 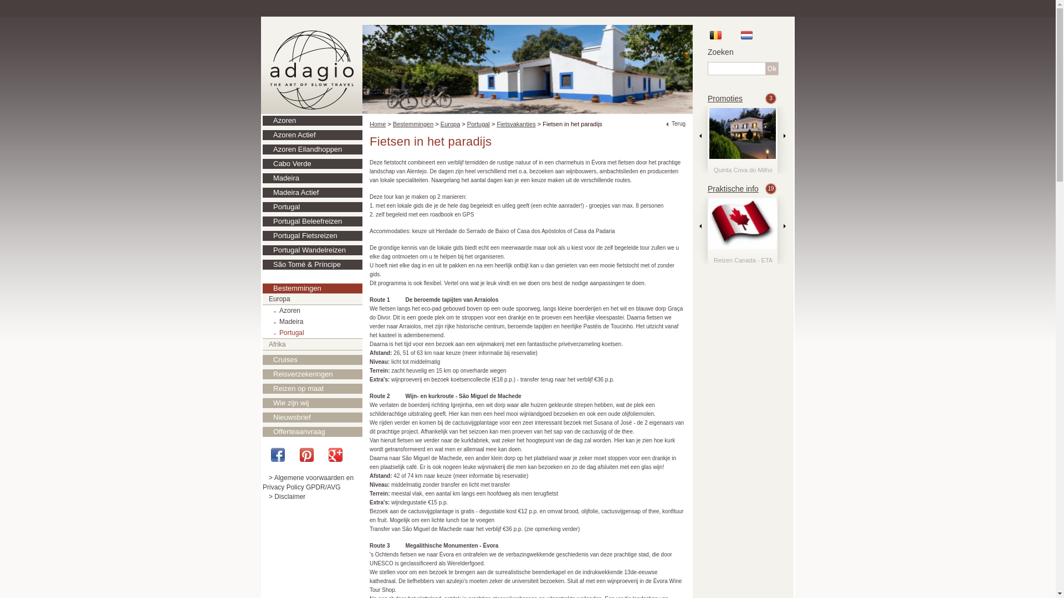 What do you see at coordinates (312, 221) in the screenshot?
I see `'Portugal Beleefreizen'` at bounding box center [312, 221].